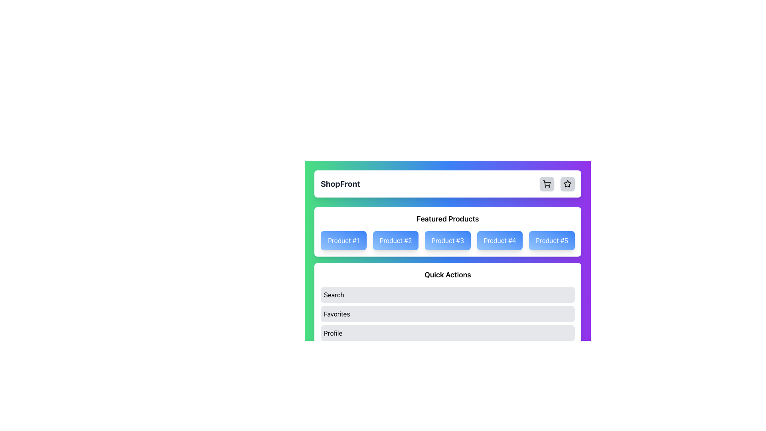 The width and height of the screenshot is (766, 431). I want to click on the third button in the 'Quick Actions' section, so click(448, 333).